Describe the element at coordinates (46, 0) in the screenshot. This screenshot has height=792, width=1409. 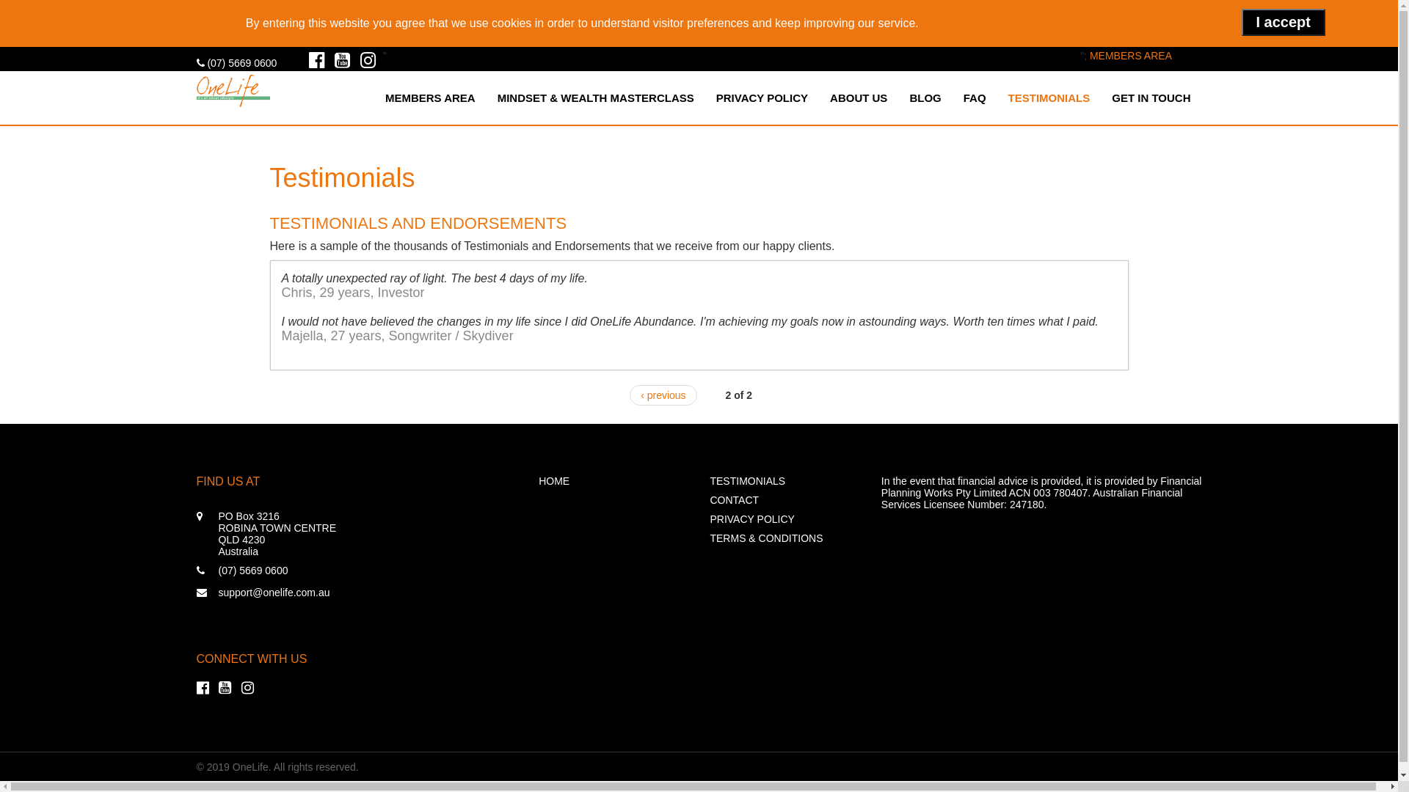
I see `'Skip to main content'` at that location.